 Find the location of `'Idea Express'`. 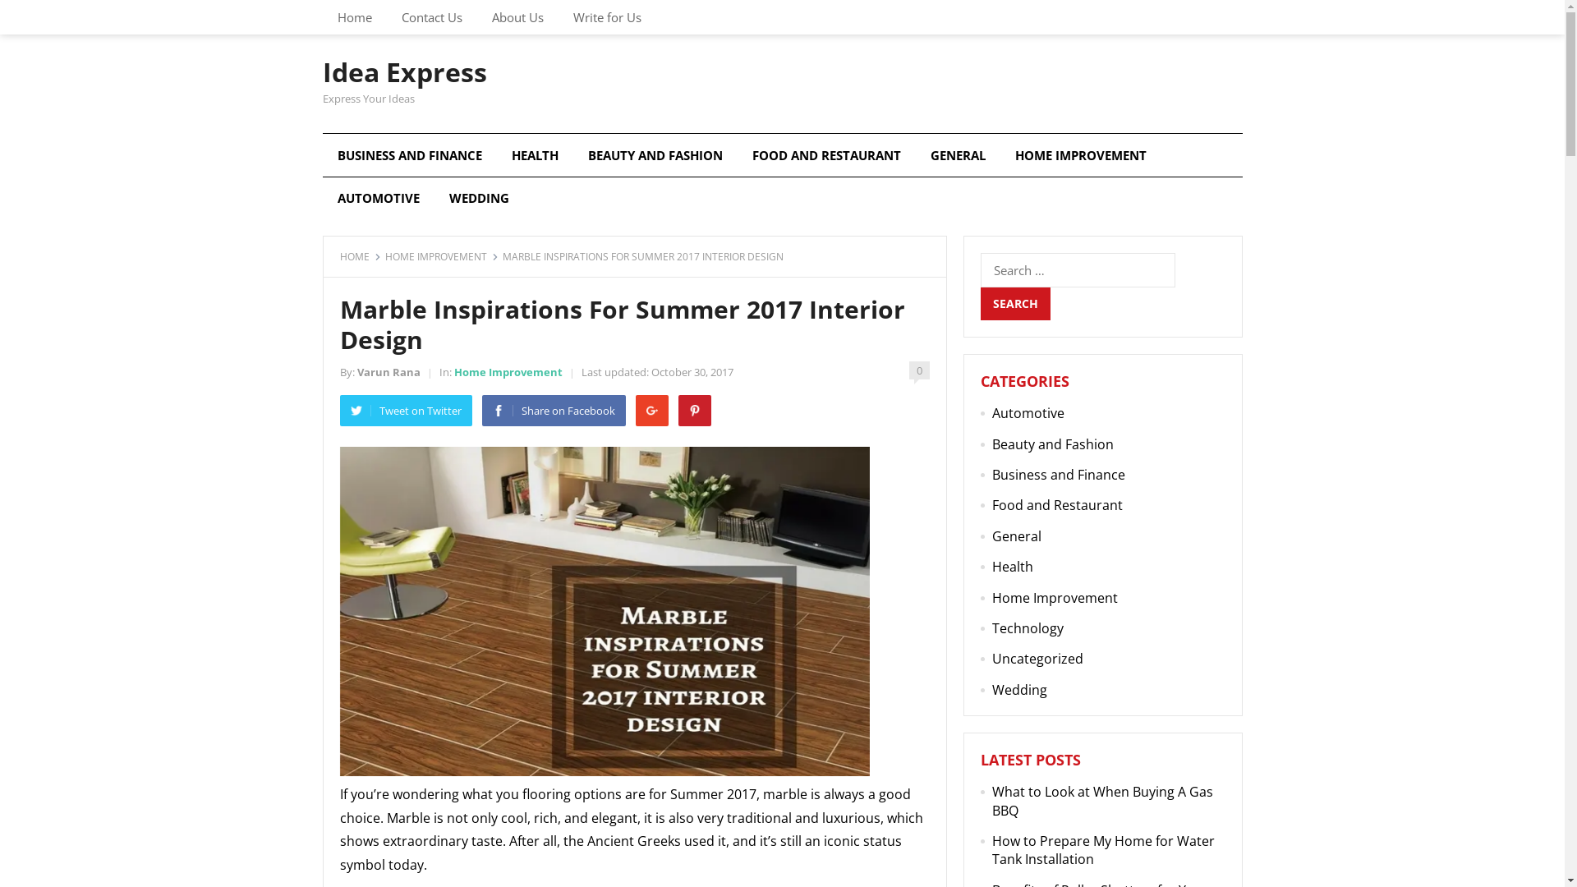

'Idea Express' is located at coordinates (403, 71).